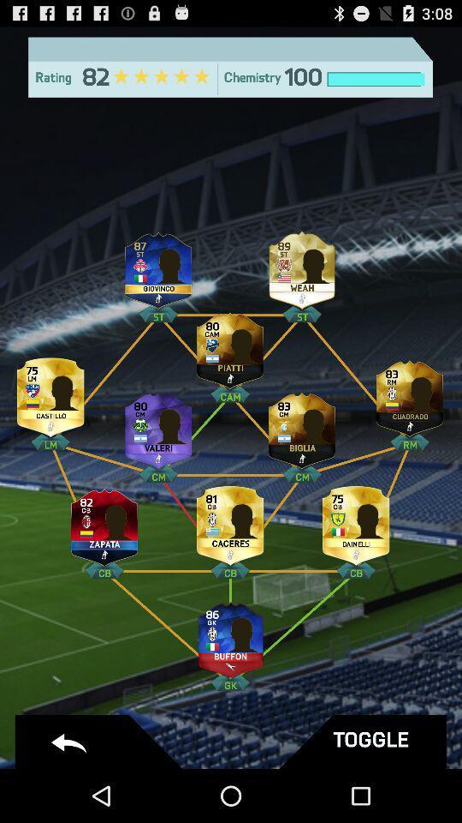 The image size is (462, 823). I want to click on change player, so click(158, 425).